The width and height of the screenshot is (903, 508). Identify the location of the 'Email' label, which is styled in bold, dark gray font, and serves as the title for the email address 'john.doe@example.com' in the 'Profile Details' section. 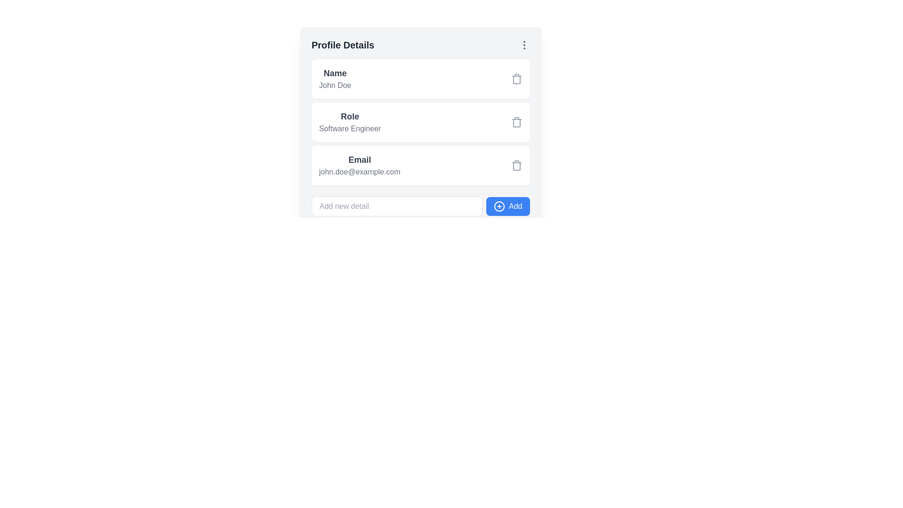
(359, 159).